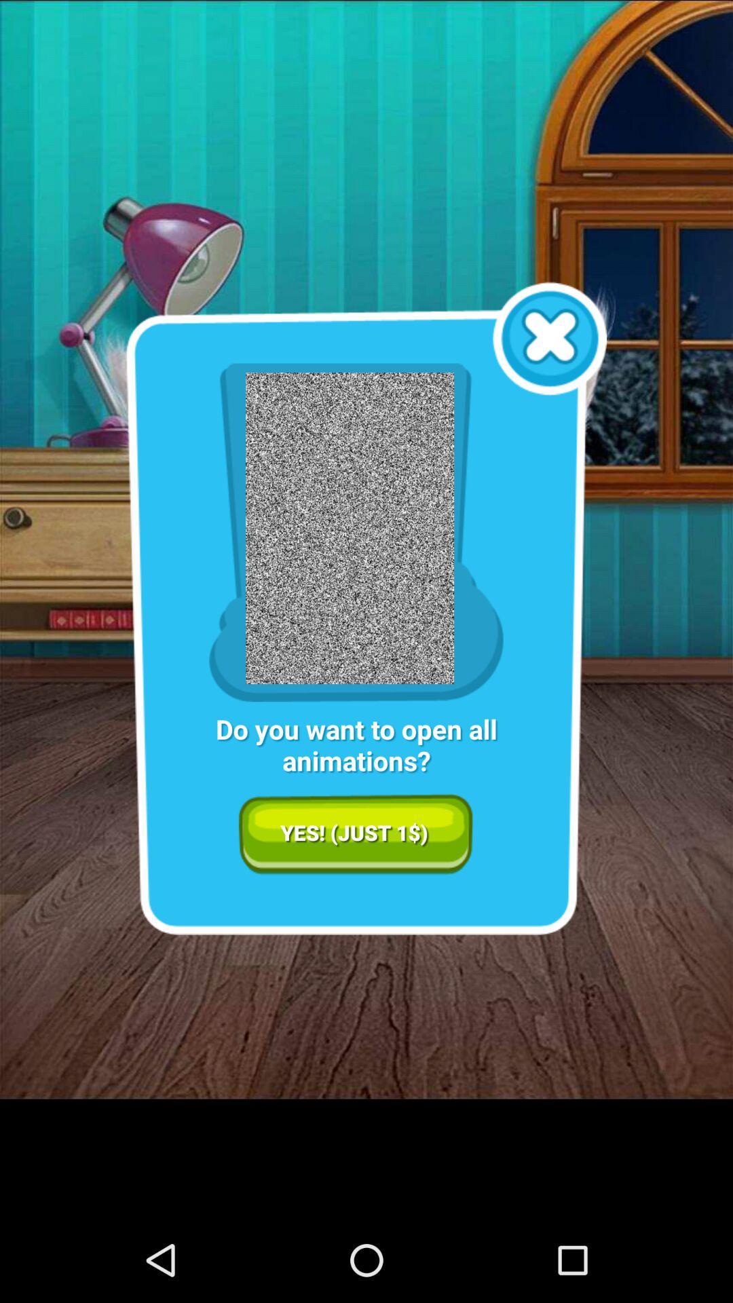  What do you see at coordinates (355, 833) in the screenshot?
I see `the app below do you want item` at bounding box center [355, 833].